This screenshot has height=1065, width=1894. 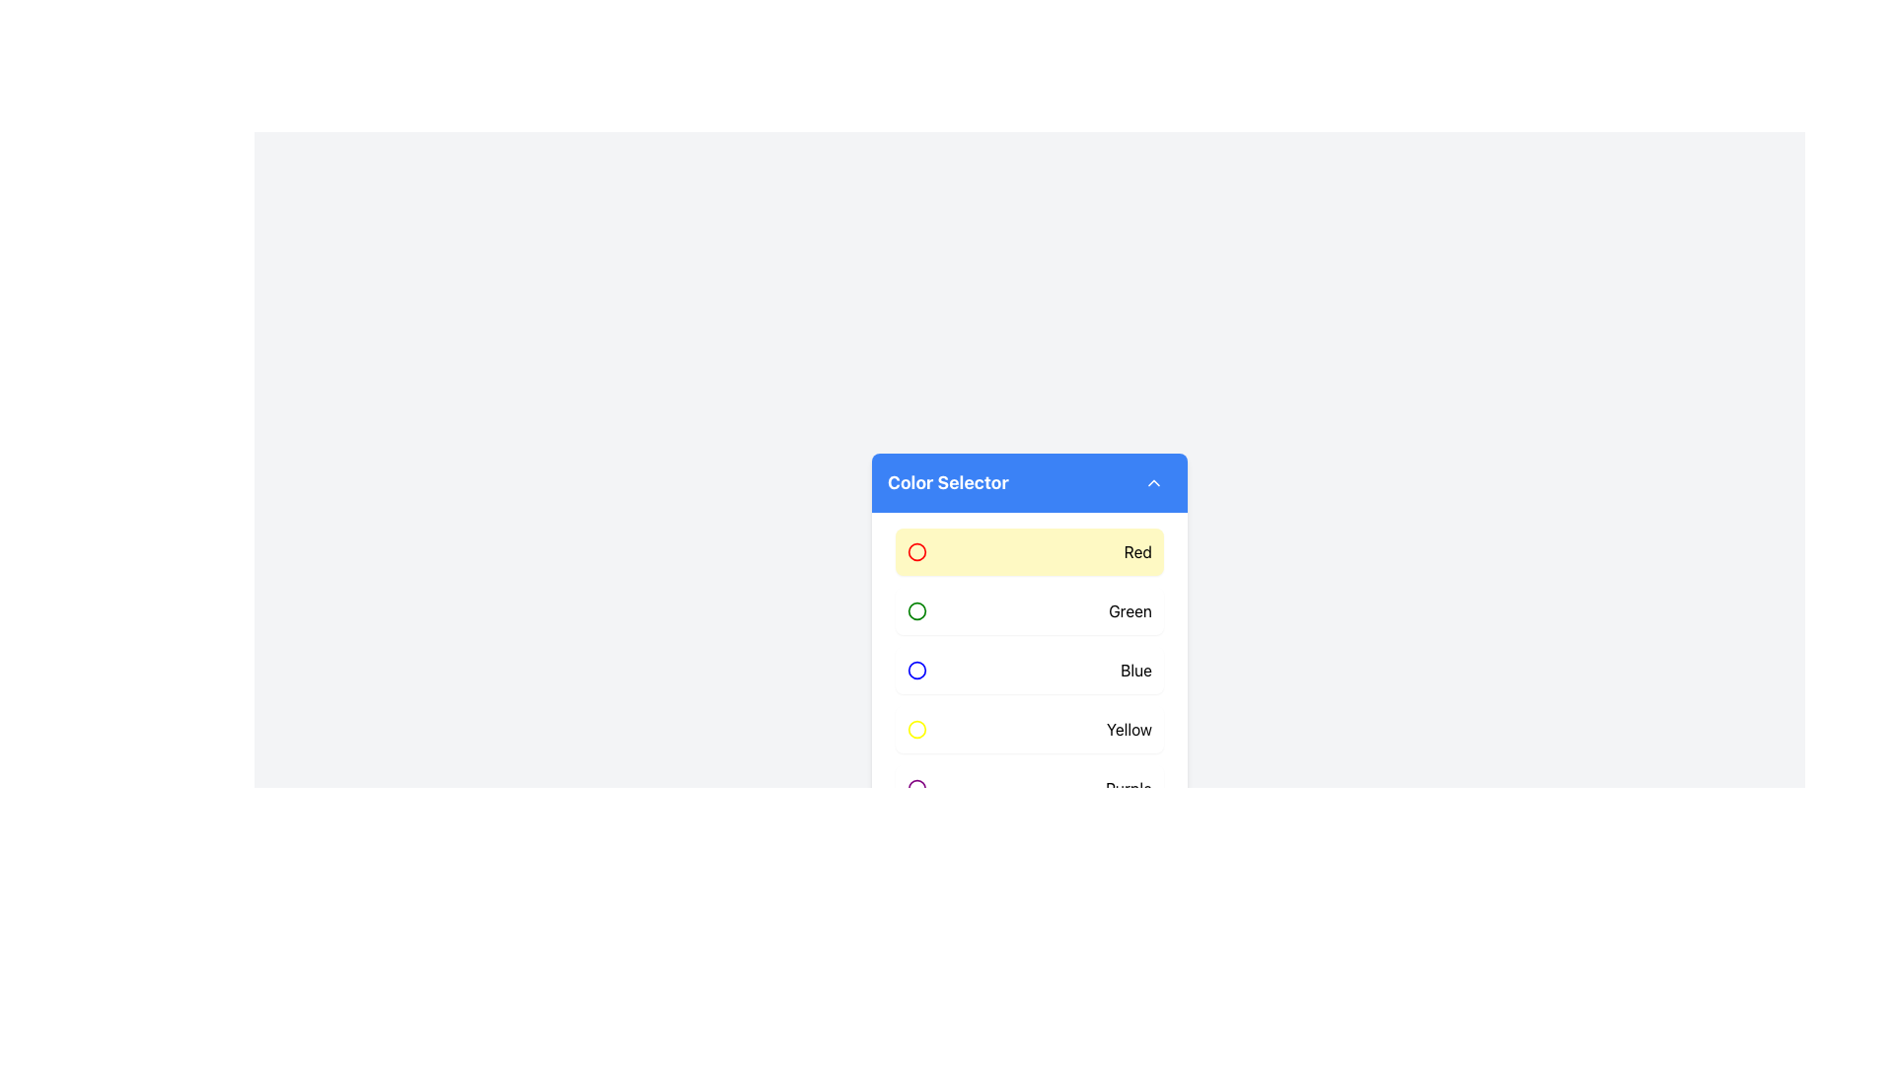 What do you see at coordinates (948, 482) in the screenshot?
I see `the 'Color Selector' header label, which is displayed in a bold, large white font on a blue background, located at the upper-left portion of the selection interface` at bounding box center [948, 482].